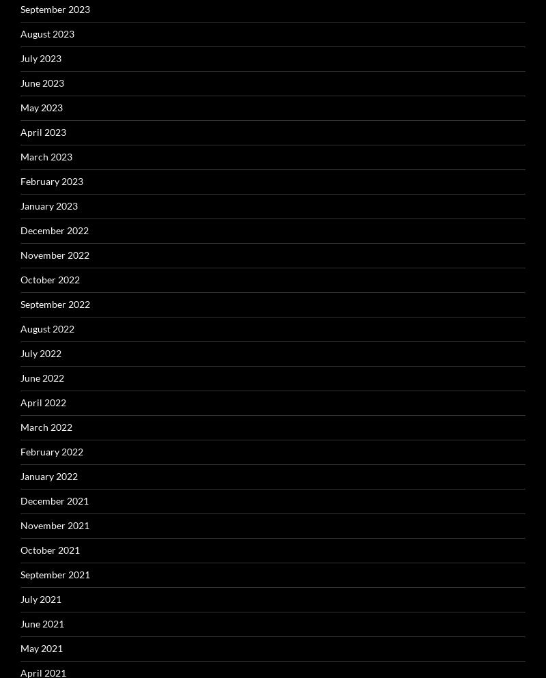  Describe the element at coordinates (40, 106) in the screenshot. I see `'May 2023'` at that location.